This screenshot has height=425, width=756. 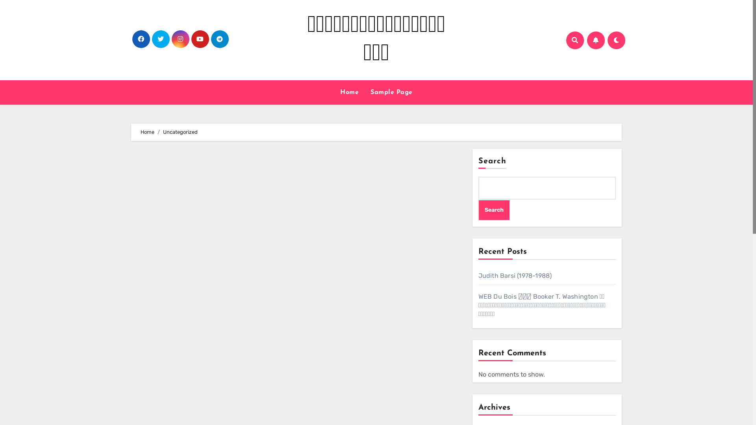 What do you see at coordinates (147, 131) in the screenshot?
I see `'Home'` at bounding box center [147, 131].